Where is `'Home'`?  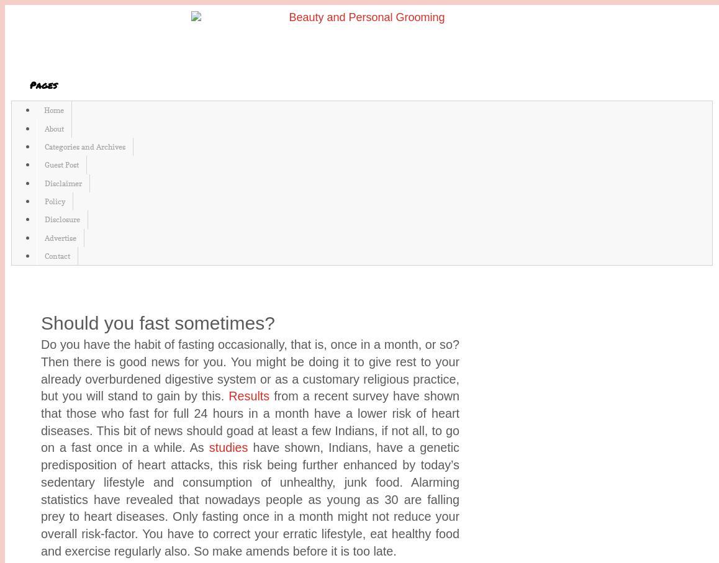
'Home' is located at coordinates (53, 109).